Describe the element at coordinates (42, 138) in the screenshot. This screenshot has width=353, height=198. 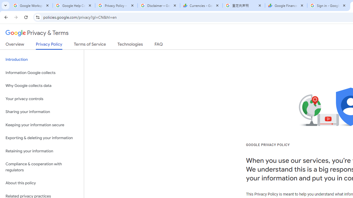
I see `'Exporting & deleting your information'` at that location.